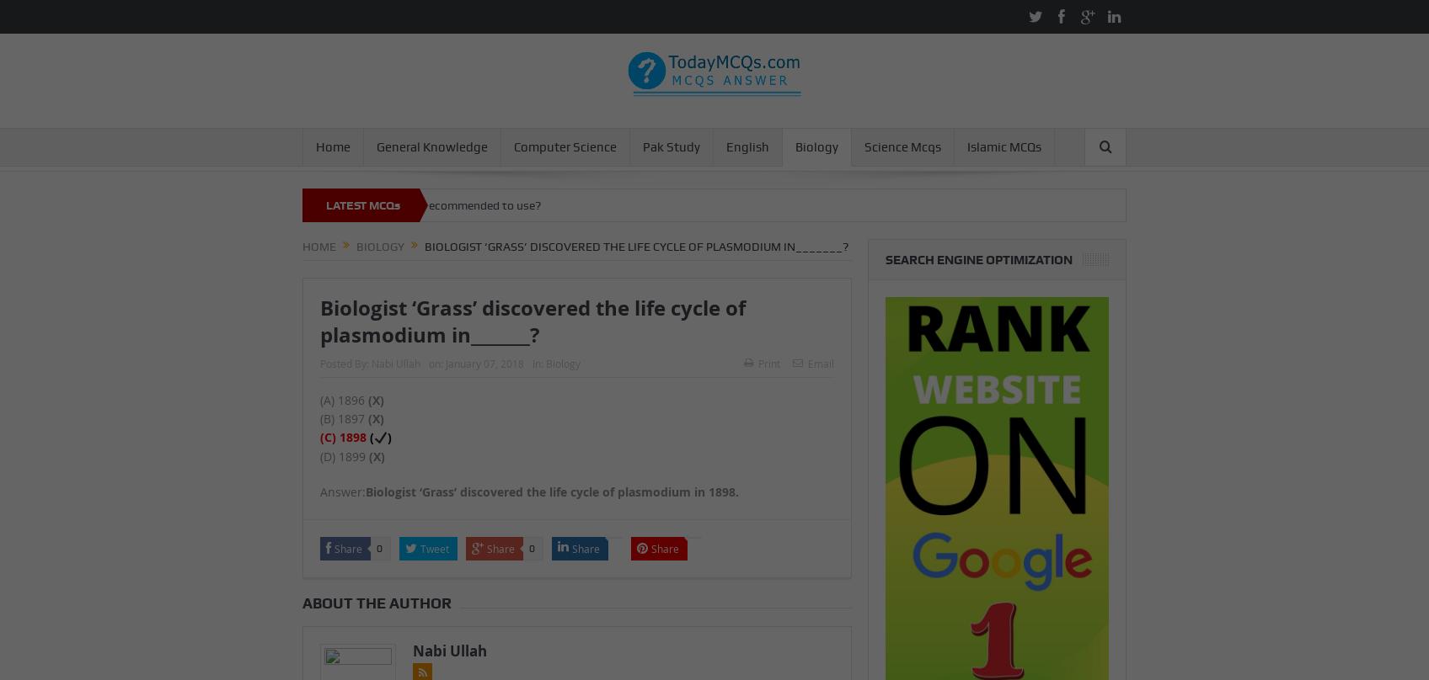 This screenshot has width=1429, height=680. Describe the element at coordinates (1004, 146) in the screenshot. I see `'Islamic MCQs'` at that location.